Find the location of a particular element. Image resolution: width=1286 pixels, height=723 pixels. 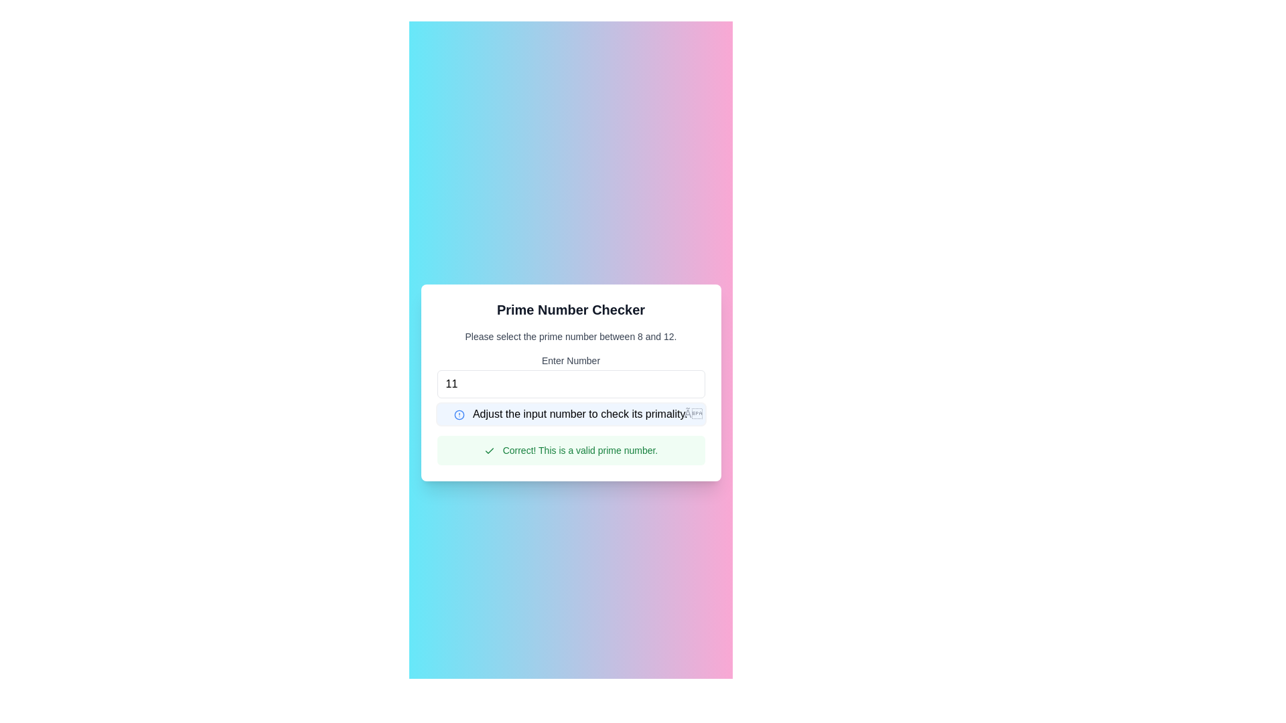

the close icon of the informational banner or alert box that states 'Adjust the input number to check its primality.' is located at coordinates (571, 413).